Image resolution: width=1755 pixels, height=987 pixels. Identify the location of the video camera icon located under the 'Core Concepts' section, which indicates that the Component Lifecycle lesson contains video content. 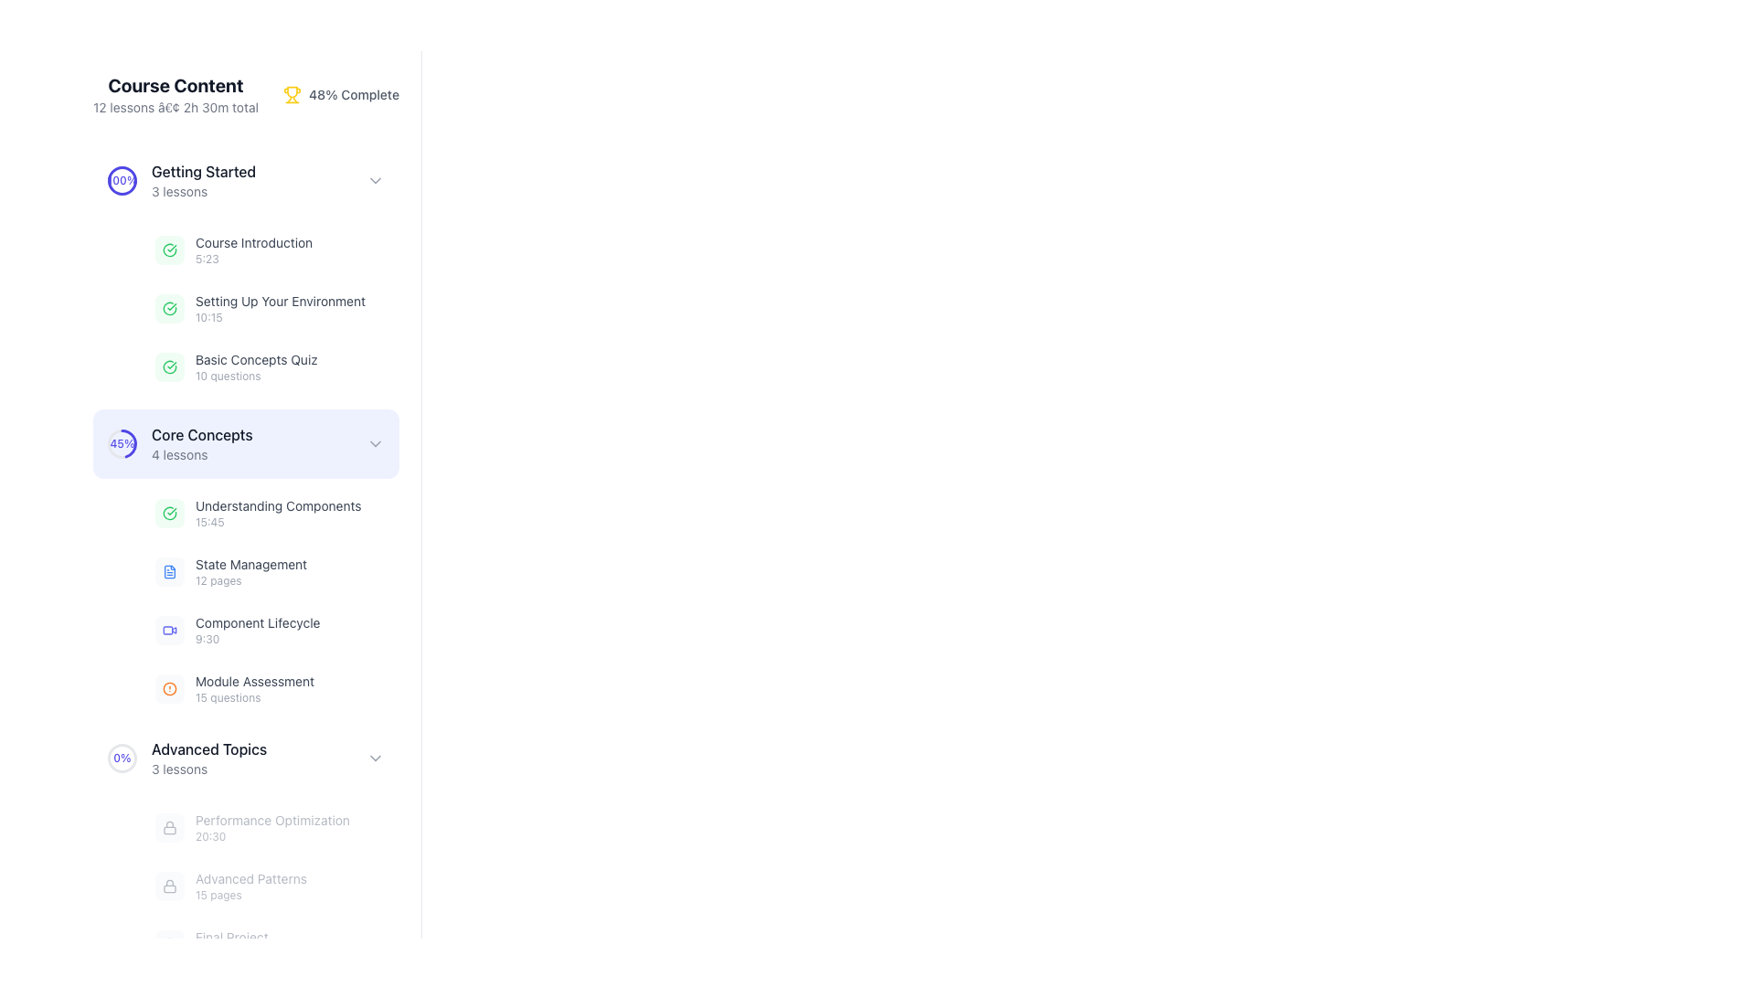
(170, 630).